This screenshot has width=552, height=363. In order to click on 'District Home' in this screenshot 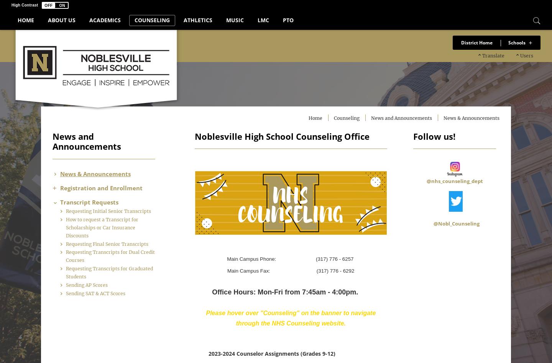, I will do `click(476, 43)`.